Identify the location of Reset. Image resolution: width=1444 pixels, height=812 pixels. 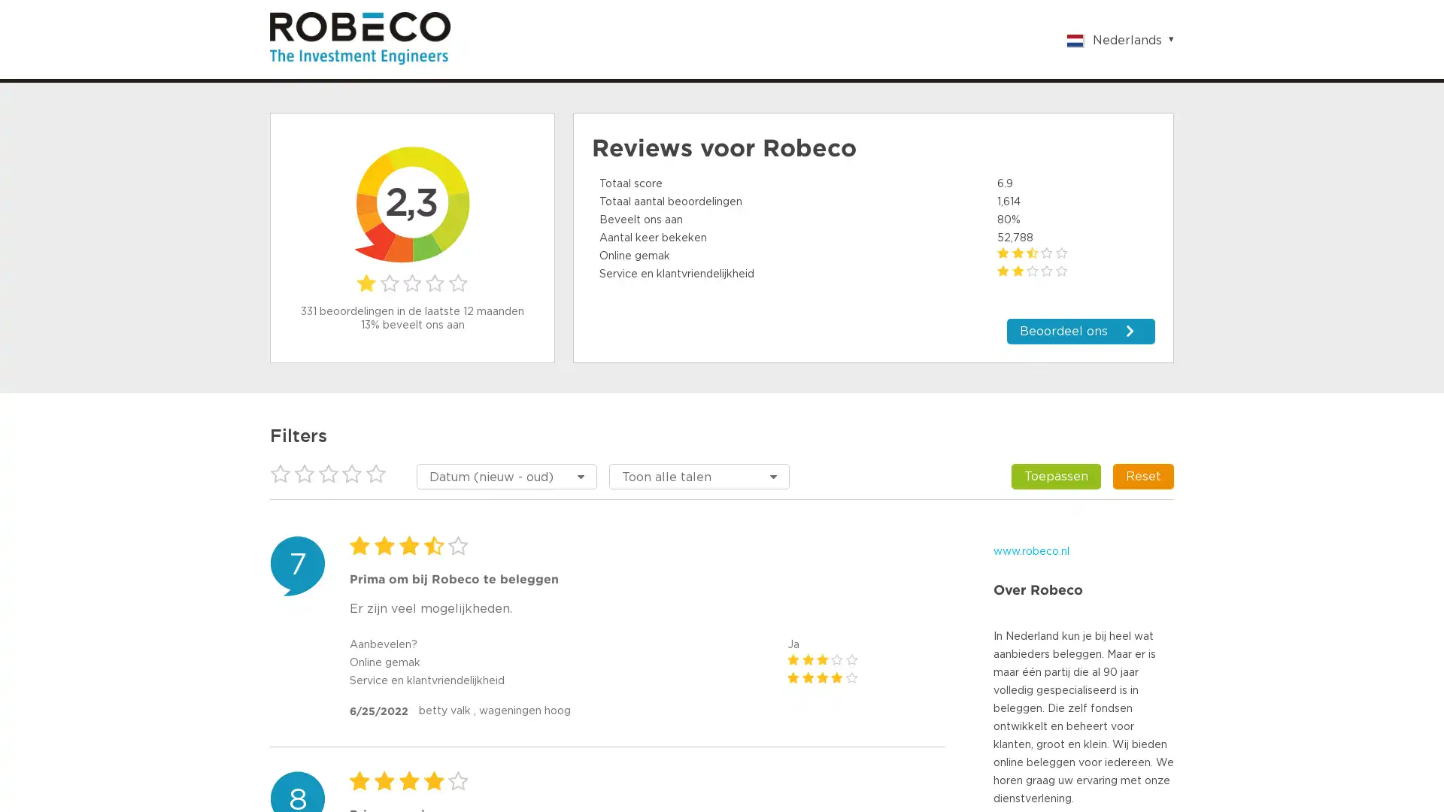
(1143, 476).